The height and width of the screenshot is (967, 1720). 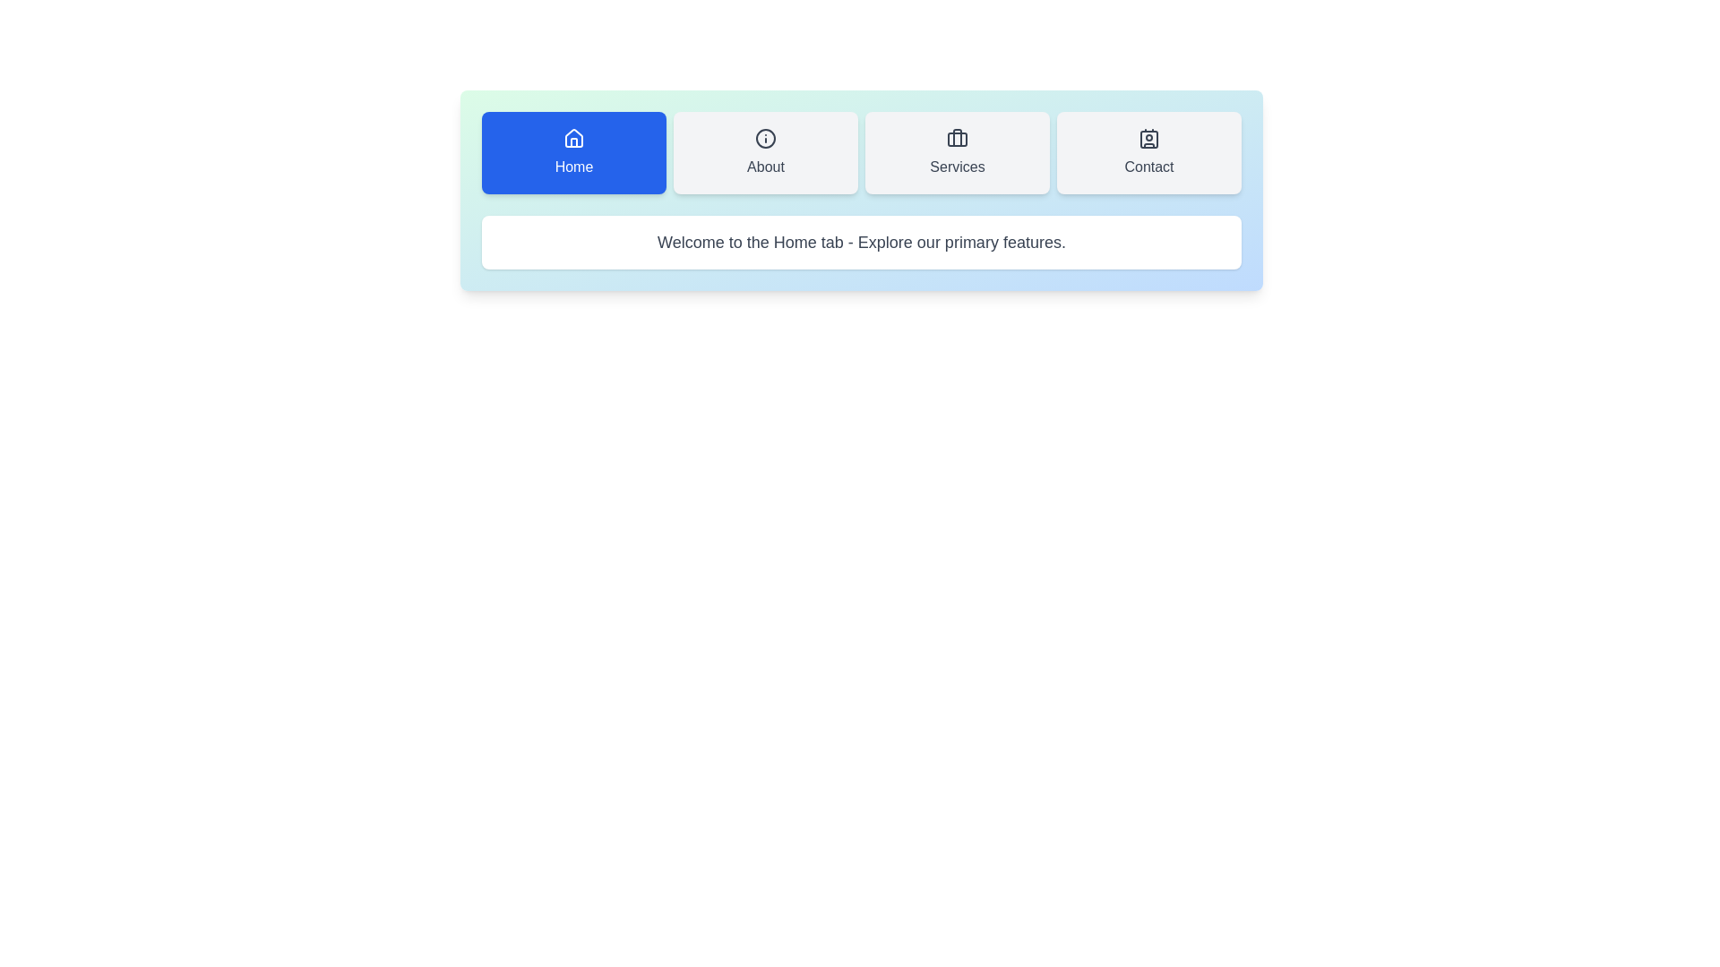 What do you see at coordinates (861, 242) in the screenshot?
I see `welcoming message and brief instructions displayed in the centrally aligned text block beneath the 'Home' navigation tab` at bounding box center [861, 242].